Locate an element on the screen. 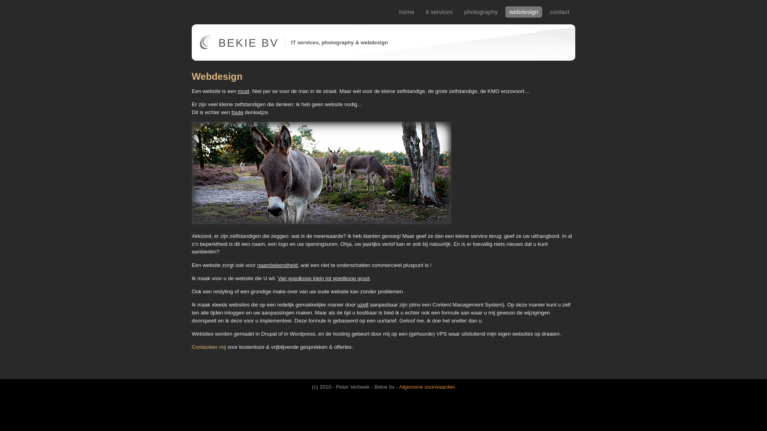 This screenshot has height=431, width=767. 'home' is located at coordinates (407, 12).